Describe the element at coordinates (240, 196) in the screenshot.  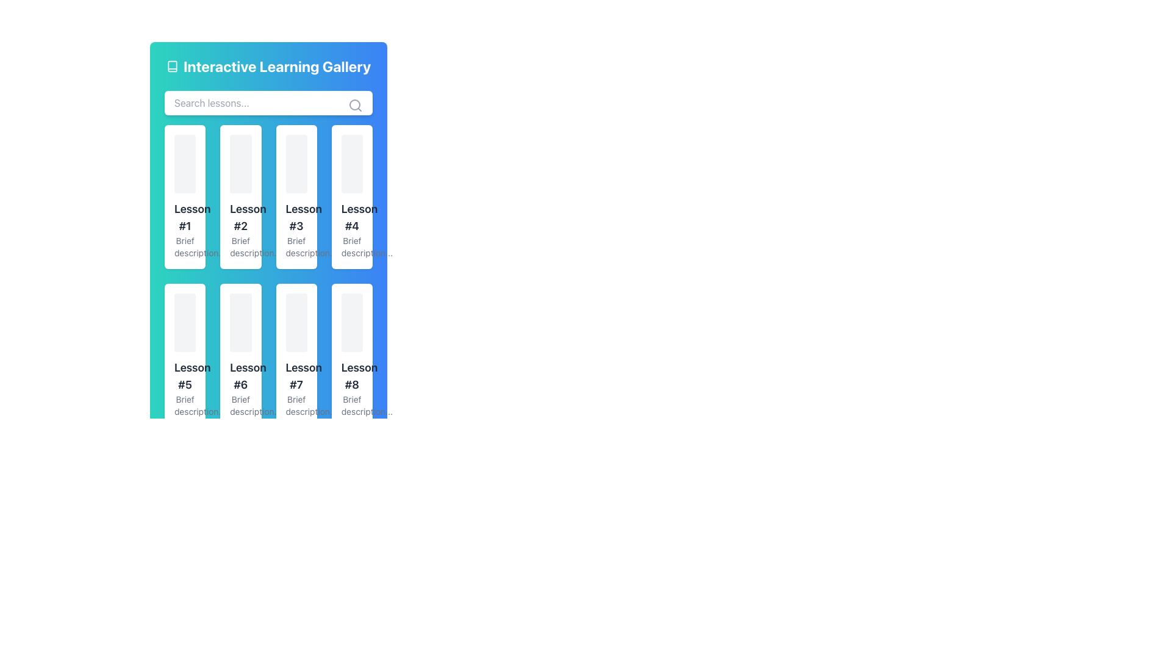
I see `the second informational card in the learning gallery that displays lesson information, located between 'Lesson #1' and 'Lesson #3'` at that location.